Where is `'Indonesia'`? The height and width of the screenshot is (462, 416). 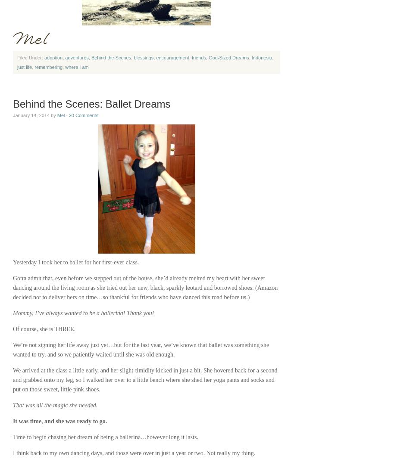
'Indonesia' is located at coordinates (261, 57).